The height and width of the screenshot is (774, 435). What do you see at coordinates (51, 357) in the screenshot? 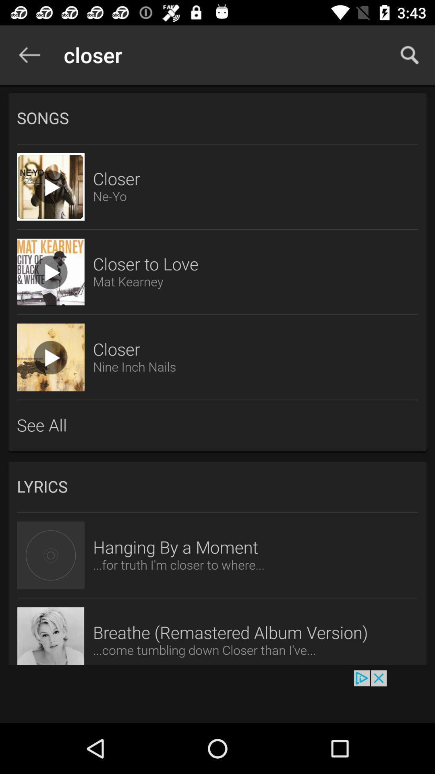
I see `song` at bounding box center [51, 357].